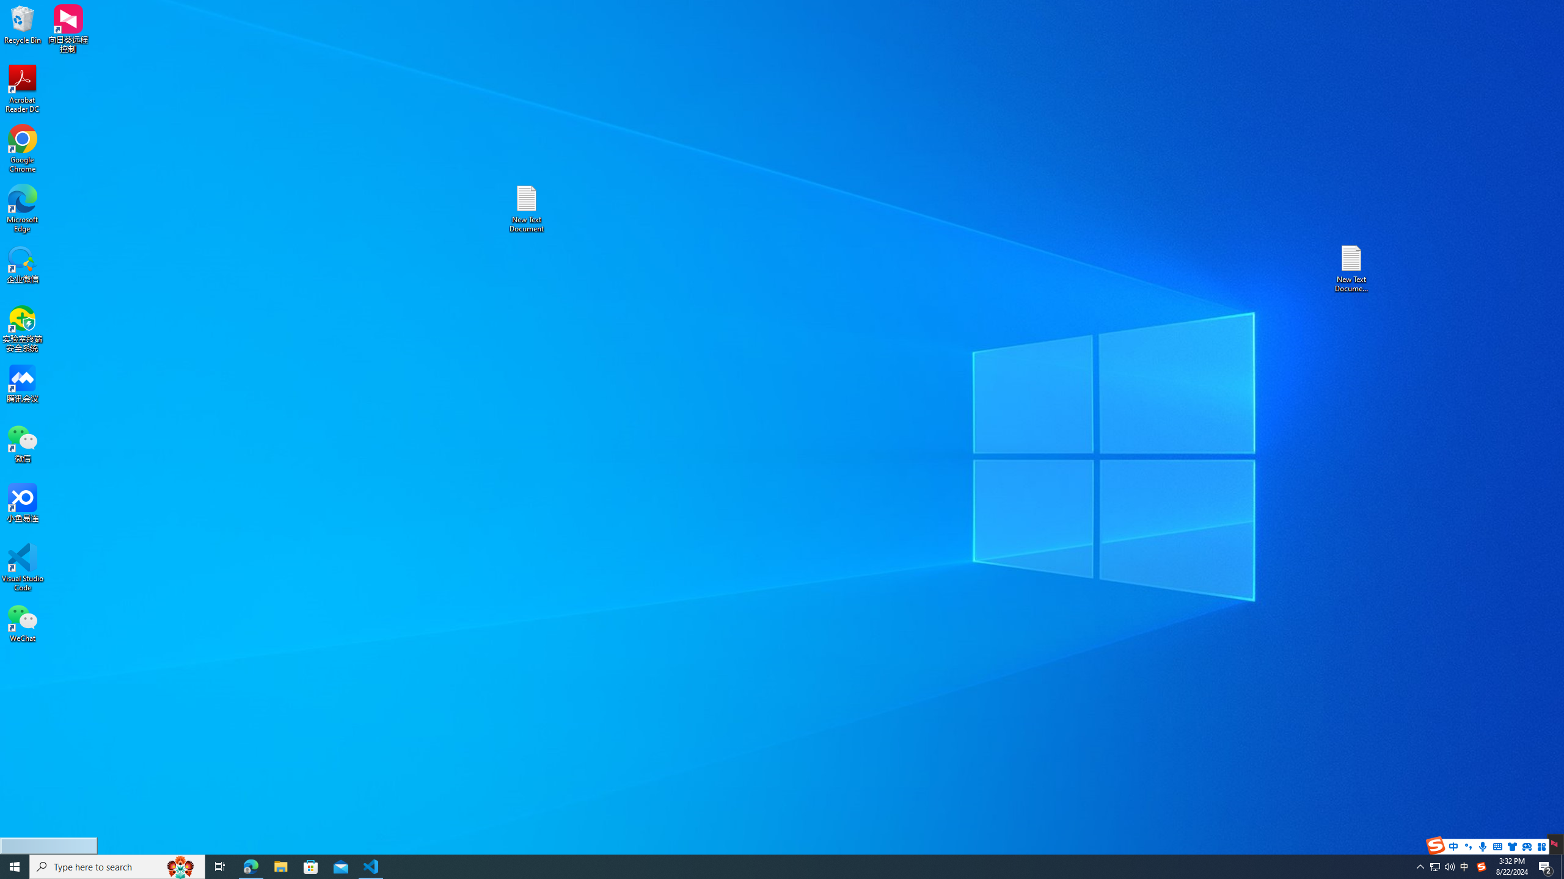 Image resolution: width=1564 pixels, height=879 pixels. Describe the element at coordinates (22, 566) in the screenshot. I see `'Visual Studio Code'` at that location.